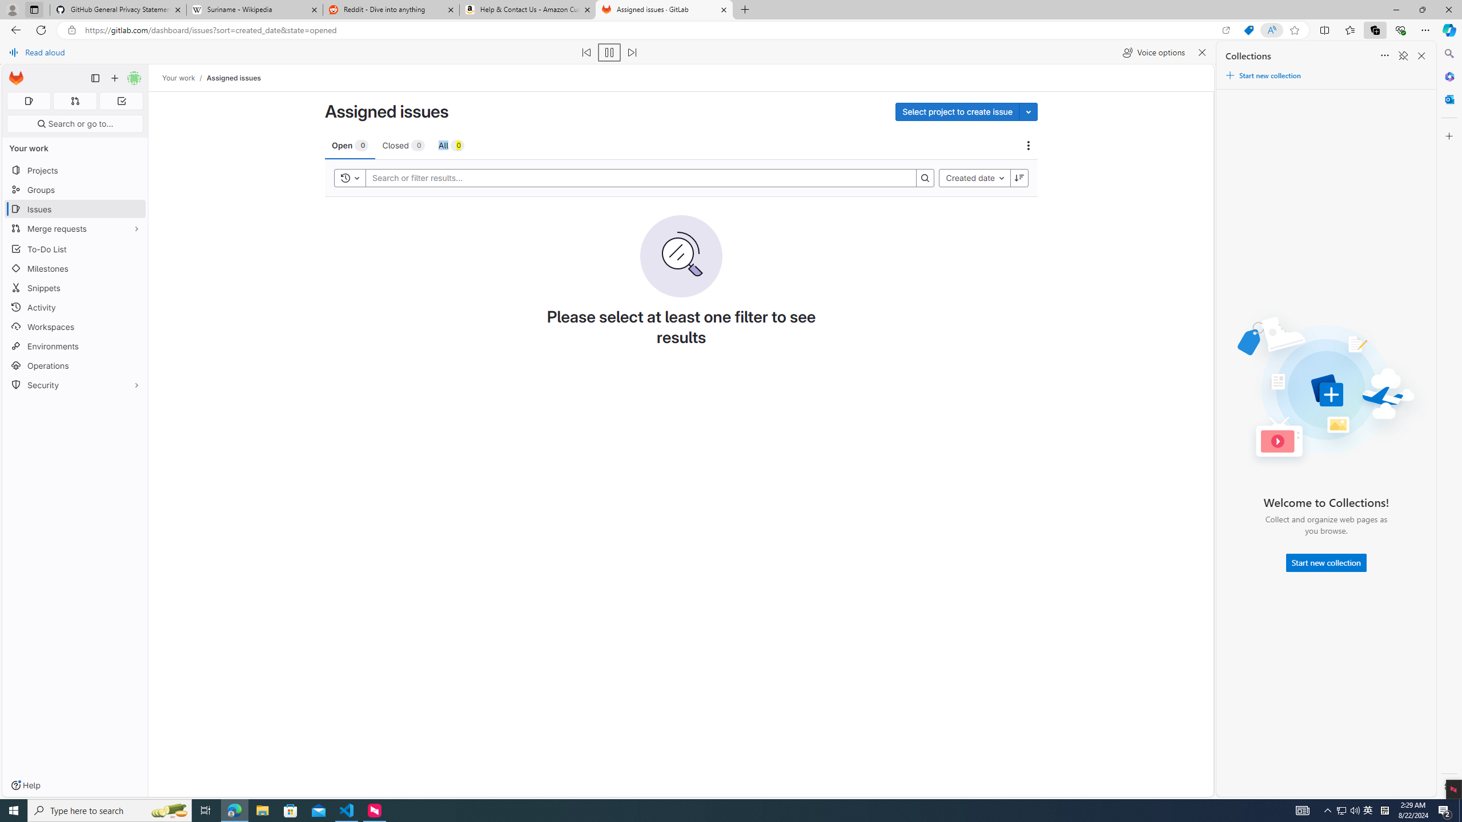 This screenshot has height=822, width=1462. Describe the element at coordinates (1154, 52) in the screenshot. I see `'Voice options'` at that location.